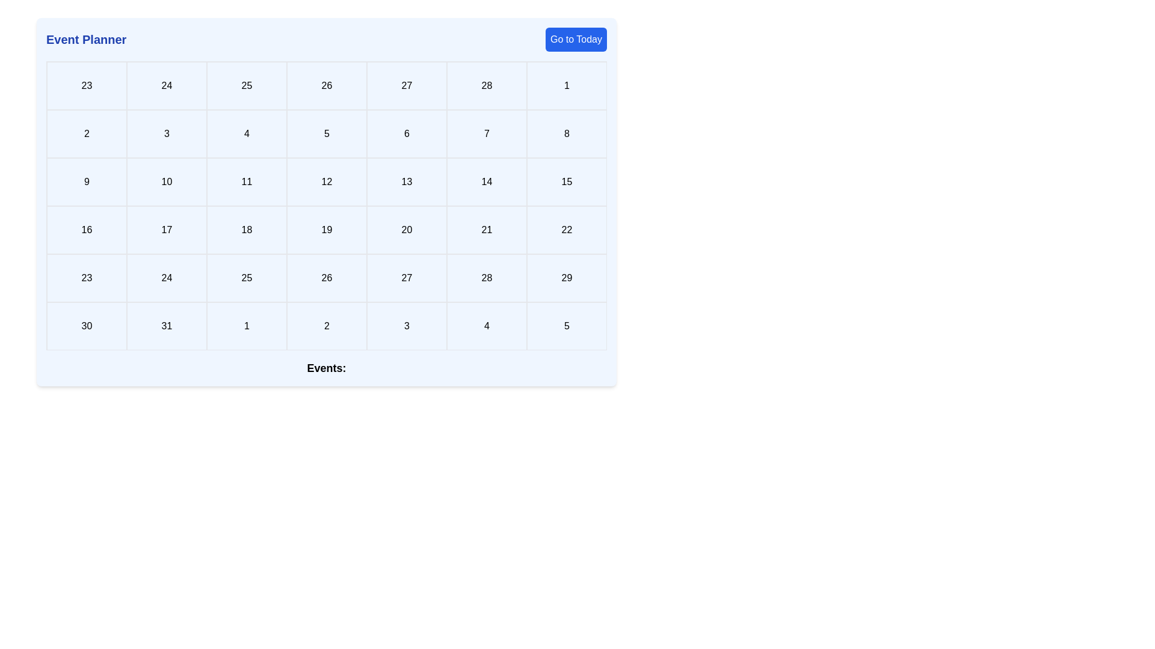 This screenshot has width=1155, height=649. I want to click on the Text label displaying the number '30' in the last row, first column of the grid layout, so click(86, 326).